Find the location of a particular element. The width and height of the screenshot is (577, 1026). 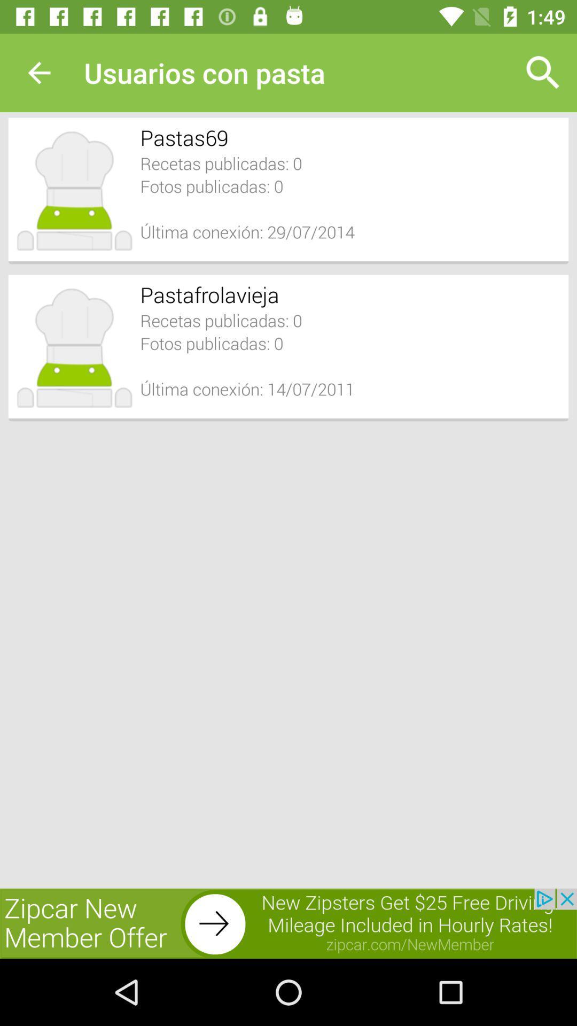

advertisement is located at coordinates (288, 923).